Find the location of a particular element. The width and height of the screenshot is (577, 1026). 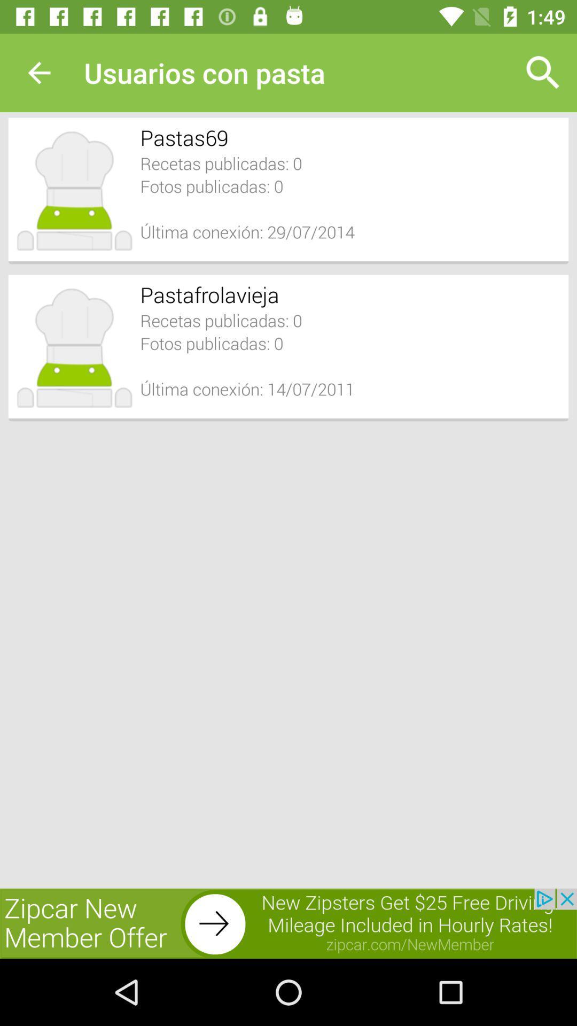

advertisement is located at coordinates (288, 923).